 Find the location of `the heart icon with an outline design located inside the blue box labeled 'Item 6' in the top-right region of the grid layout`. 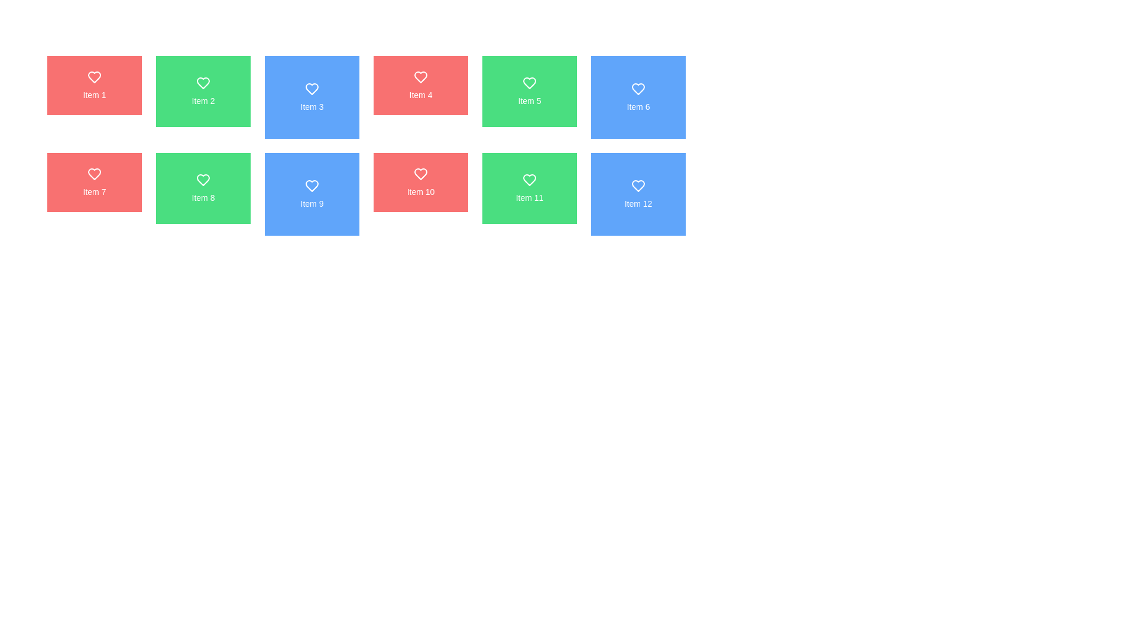

the heart icon with an outline design located inside the blue box labeled 'Item 6' in the top-right region of the grid layout is located at coordinates (638, 88).